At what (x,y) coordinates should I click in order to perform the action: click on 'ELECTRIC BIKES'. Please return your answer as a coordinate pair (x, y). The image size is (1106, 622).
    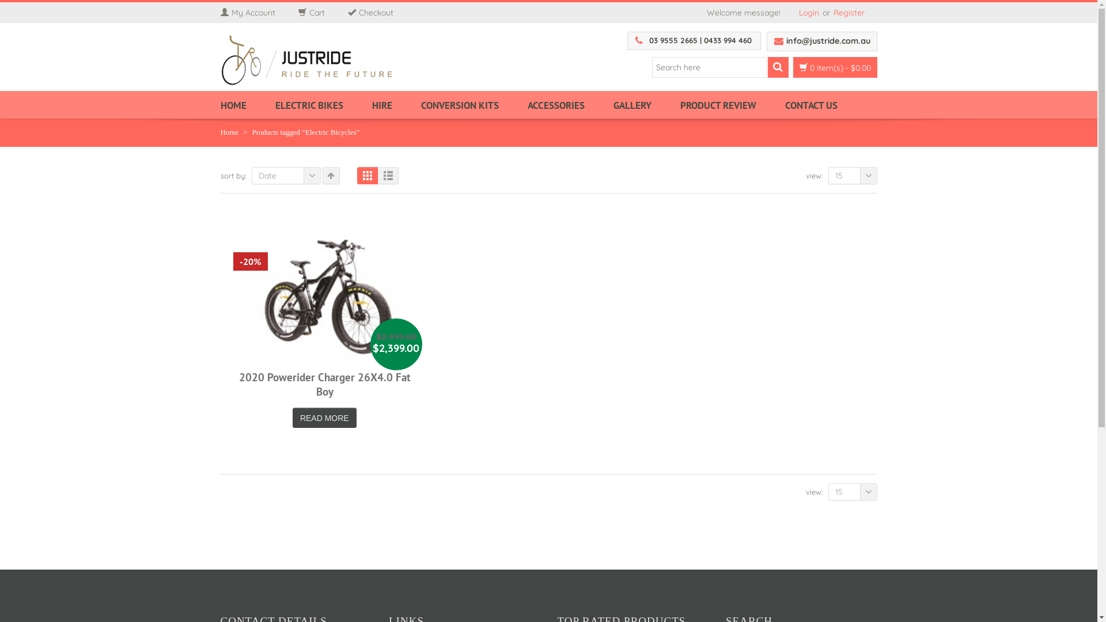
    Looking at the image, I should click on (323, 104).